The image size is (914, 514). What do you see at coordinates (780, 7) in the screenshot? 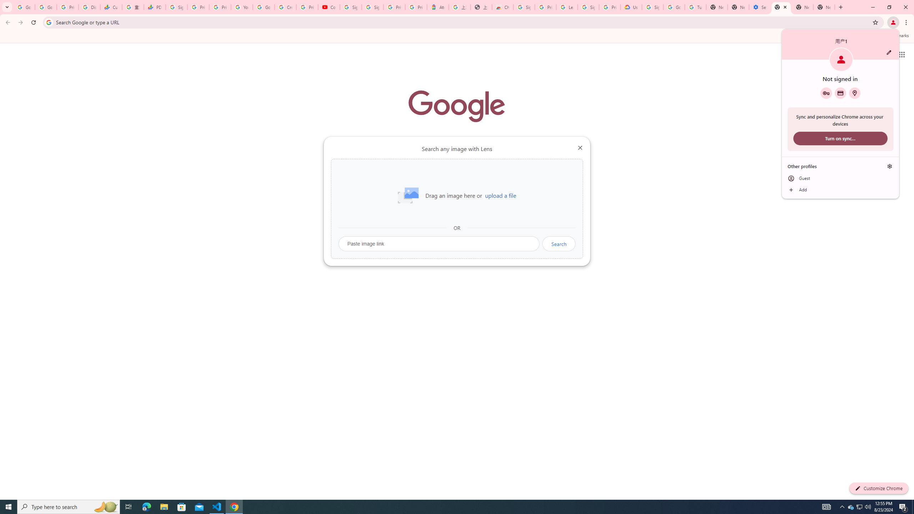
I see `'New Tab'` at bounding box center [780, 7].